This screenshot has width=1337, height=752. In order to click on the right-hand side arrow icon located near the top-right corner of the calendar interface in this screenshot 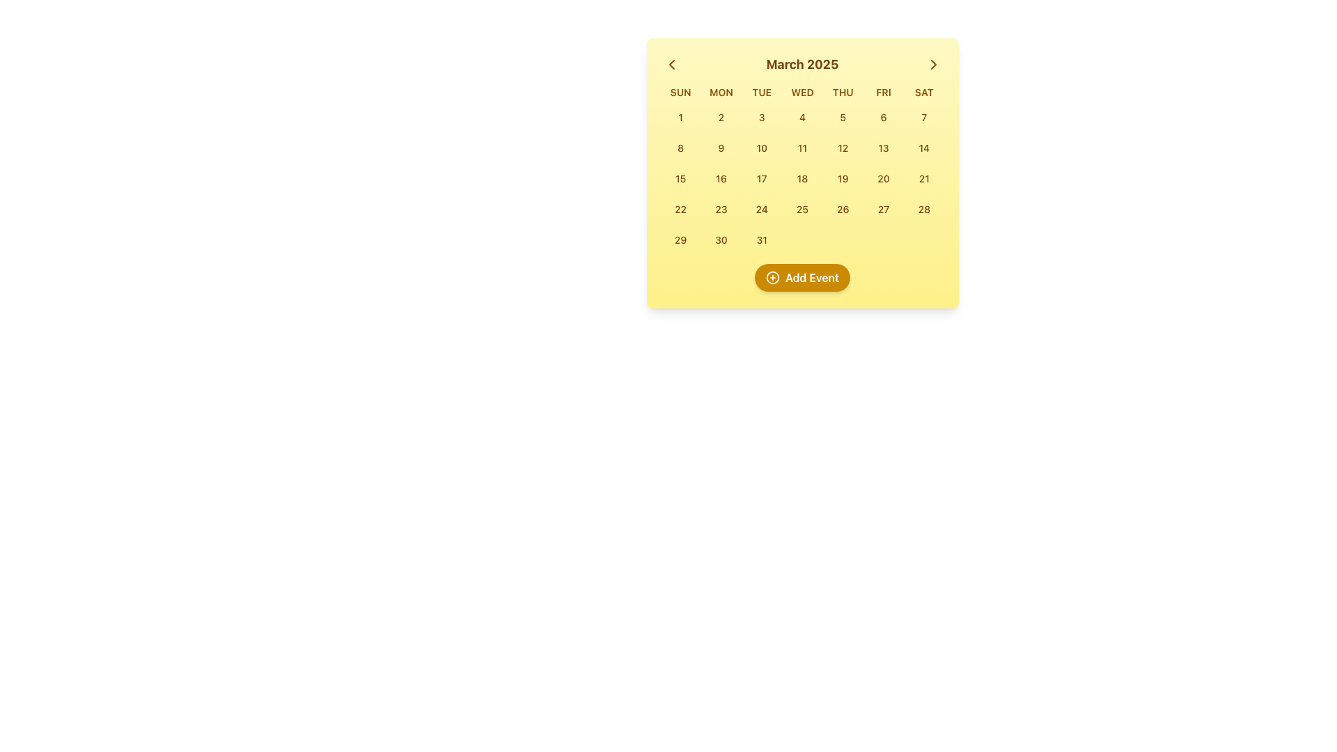, I will do `click(933, 64)`.